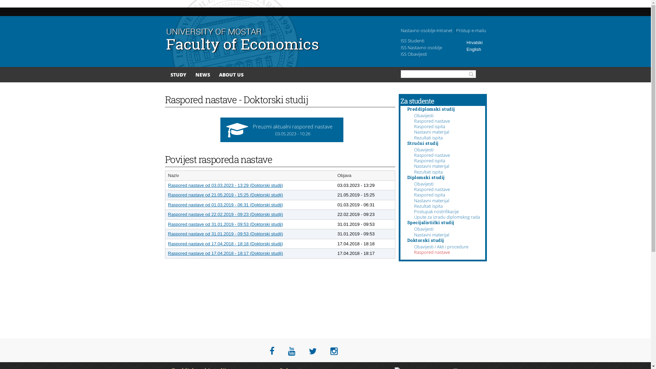  I want to click on 'Preuzmi aktualni raspored nastave, so click(282, 130).